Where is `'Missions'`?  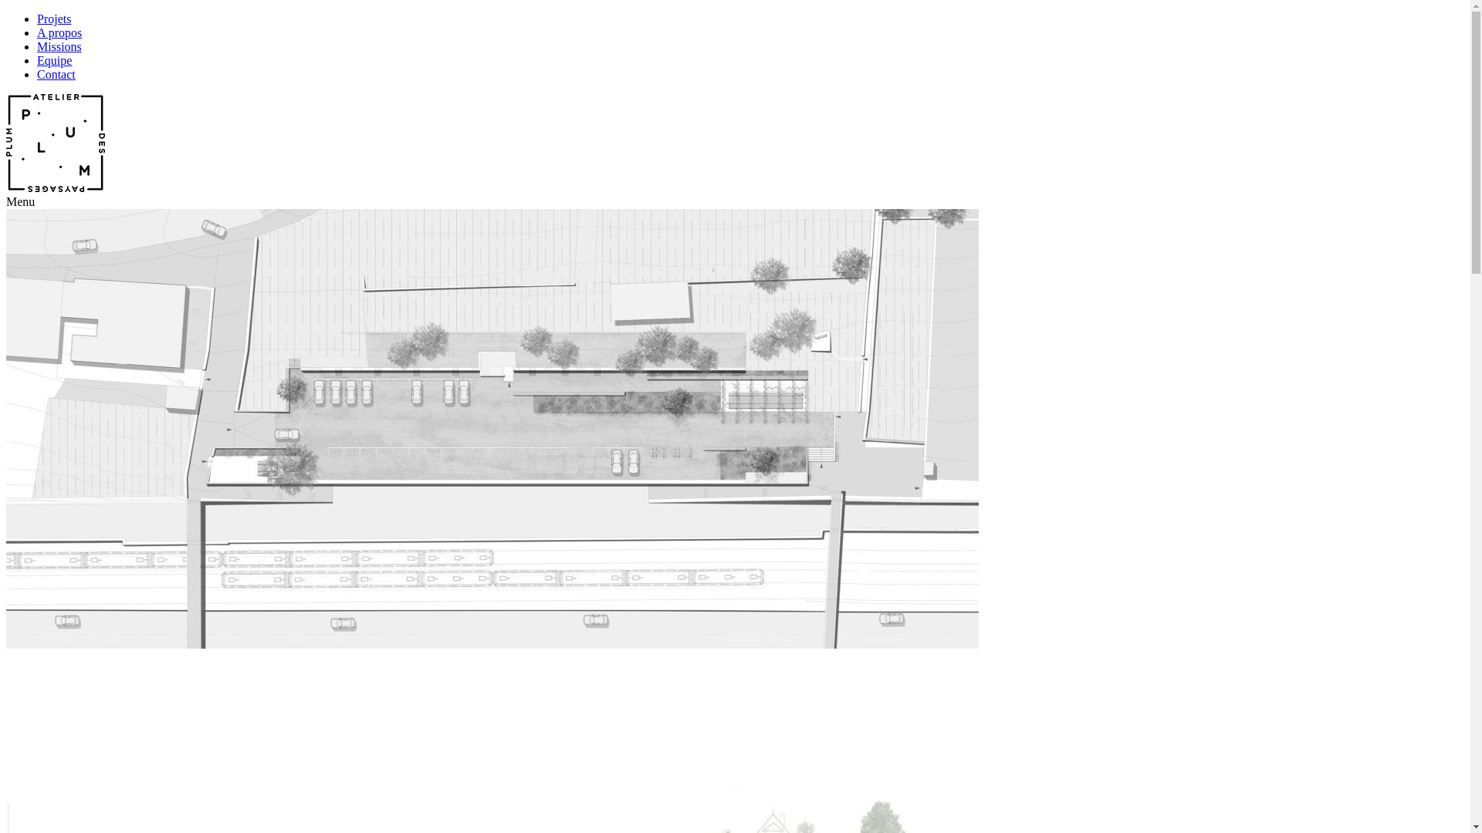
'Missions' is located at coordinates (59, 46).